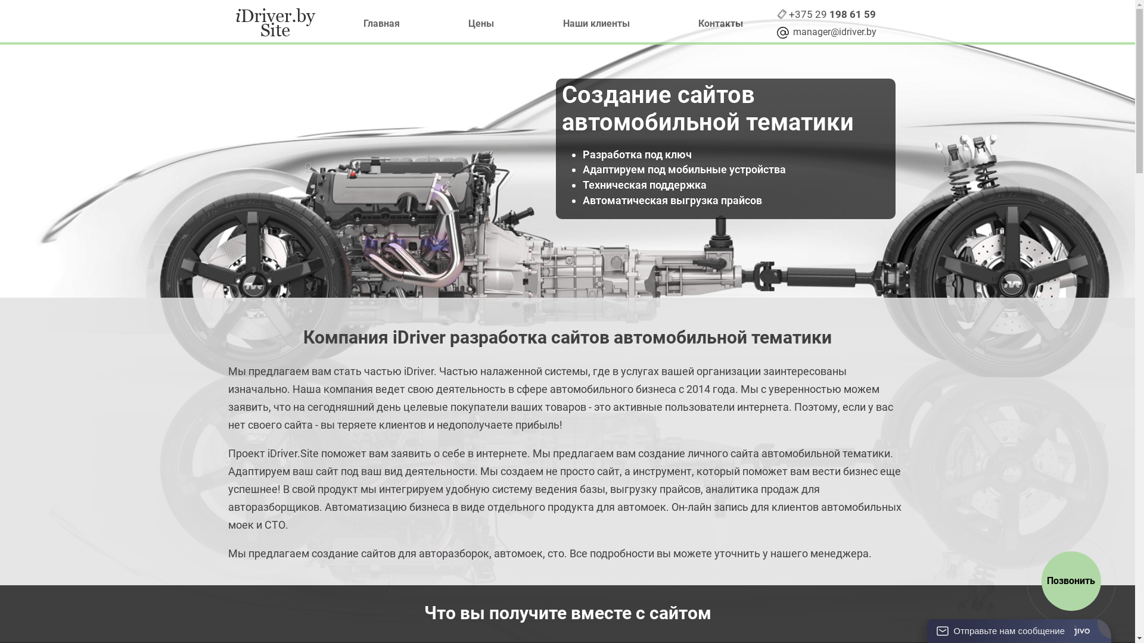 Image resolution: width=1144 pixels, height=643 pixels. Describe the element at coordinates (832, 32) in the screenshot. I see `'manager@idriver.by'` at that location.